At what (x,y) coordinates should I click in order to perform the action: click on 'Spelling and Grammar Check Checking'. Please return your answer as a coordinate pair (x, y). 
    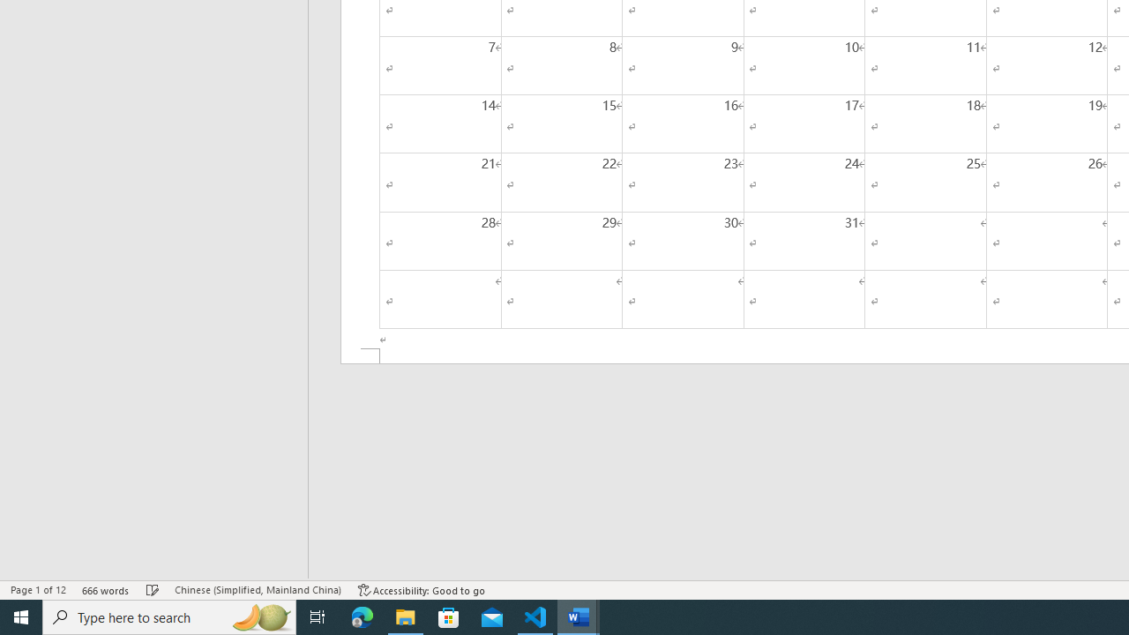
    Looking at the image, I should click on (153, 590).